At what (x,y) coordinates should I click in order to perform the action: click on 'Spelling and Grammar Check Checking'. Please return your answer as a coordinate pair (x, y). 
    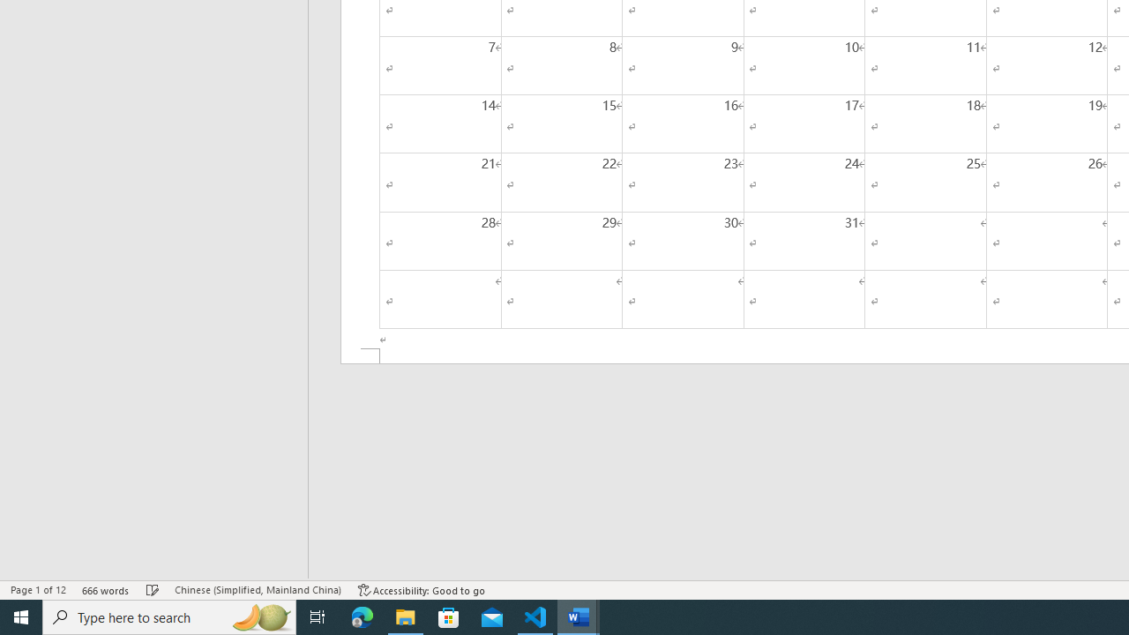
    Looking at the image, I should click on (153, 590).